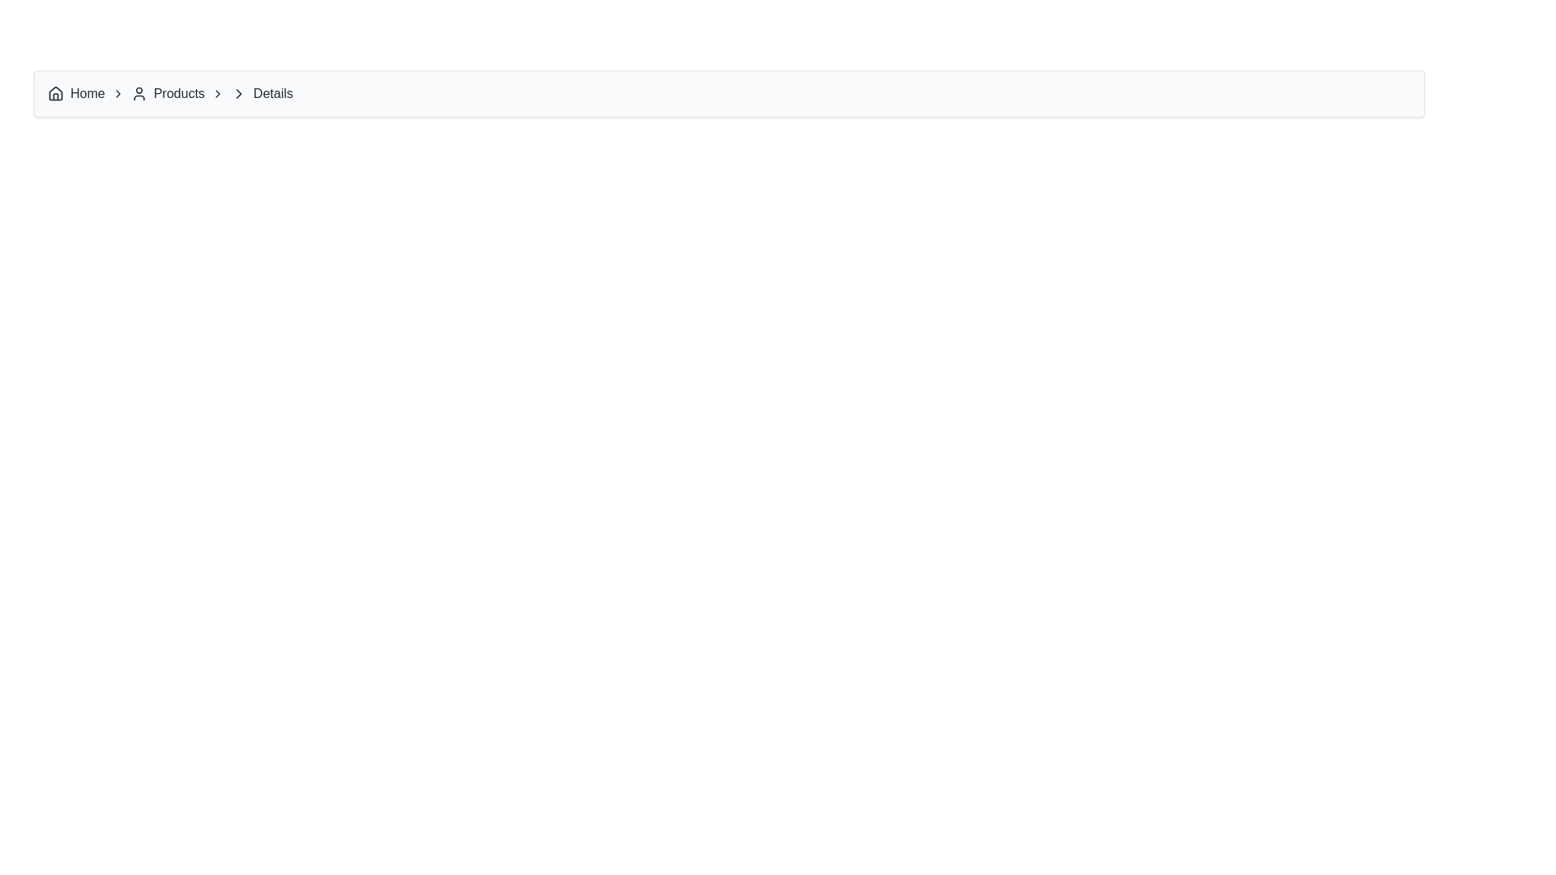 The height and width of the screenshot is (875, 1556). What do you see at coordinates (237, 93) in the screenshot?
I see `the presence of the right-facing chevron icon located in the breadcrumb navigation bar, positioned to the right of the 'Products' text and before the 'Details' text` at bounding box center [237, 93].